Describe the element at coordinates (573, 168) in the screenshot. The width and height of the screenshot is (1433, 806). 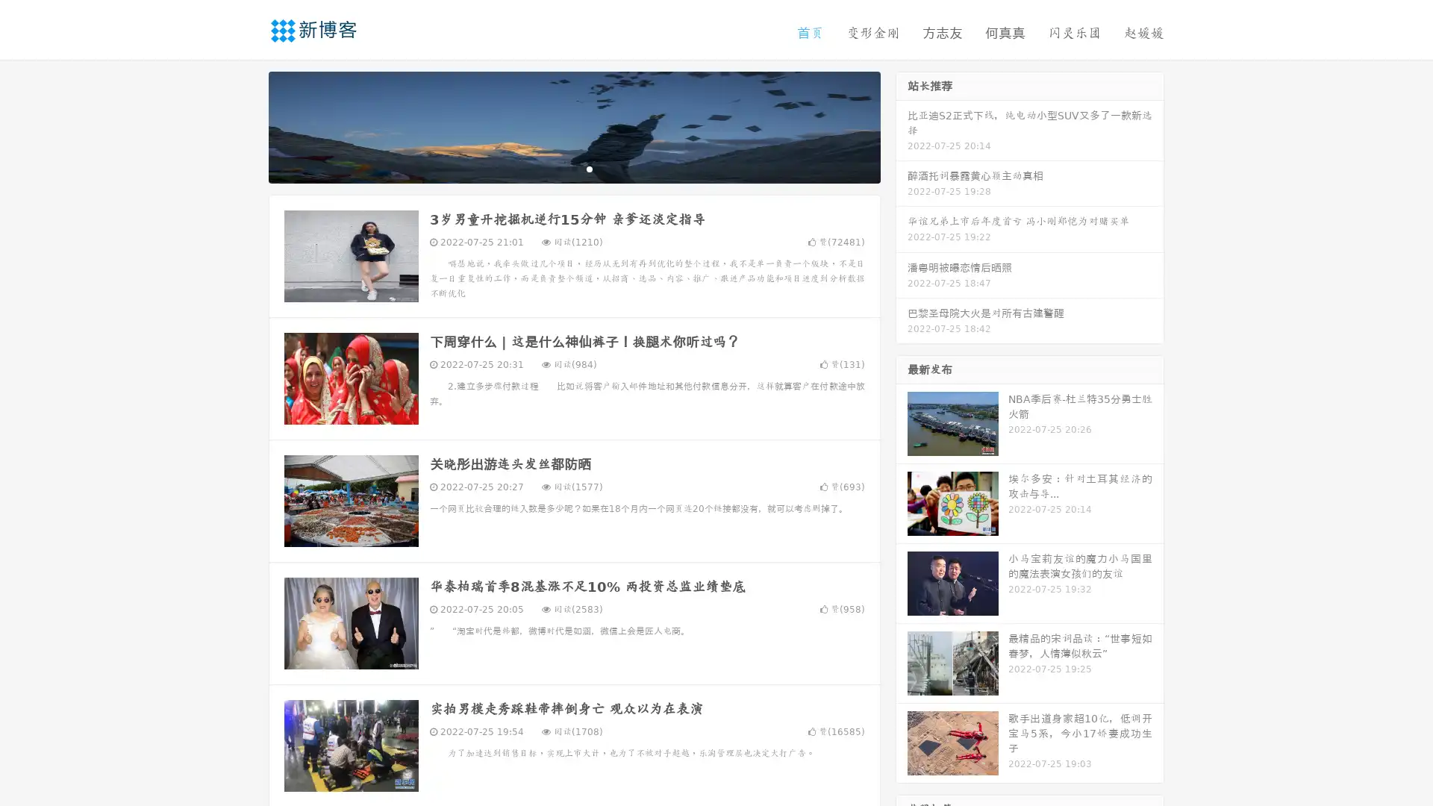
I see `Go to slide 2` at that location.